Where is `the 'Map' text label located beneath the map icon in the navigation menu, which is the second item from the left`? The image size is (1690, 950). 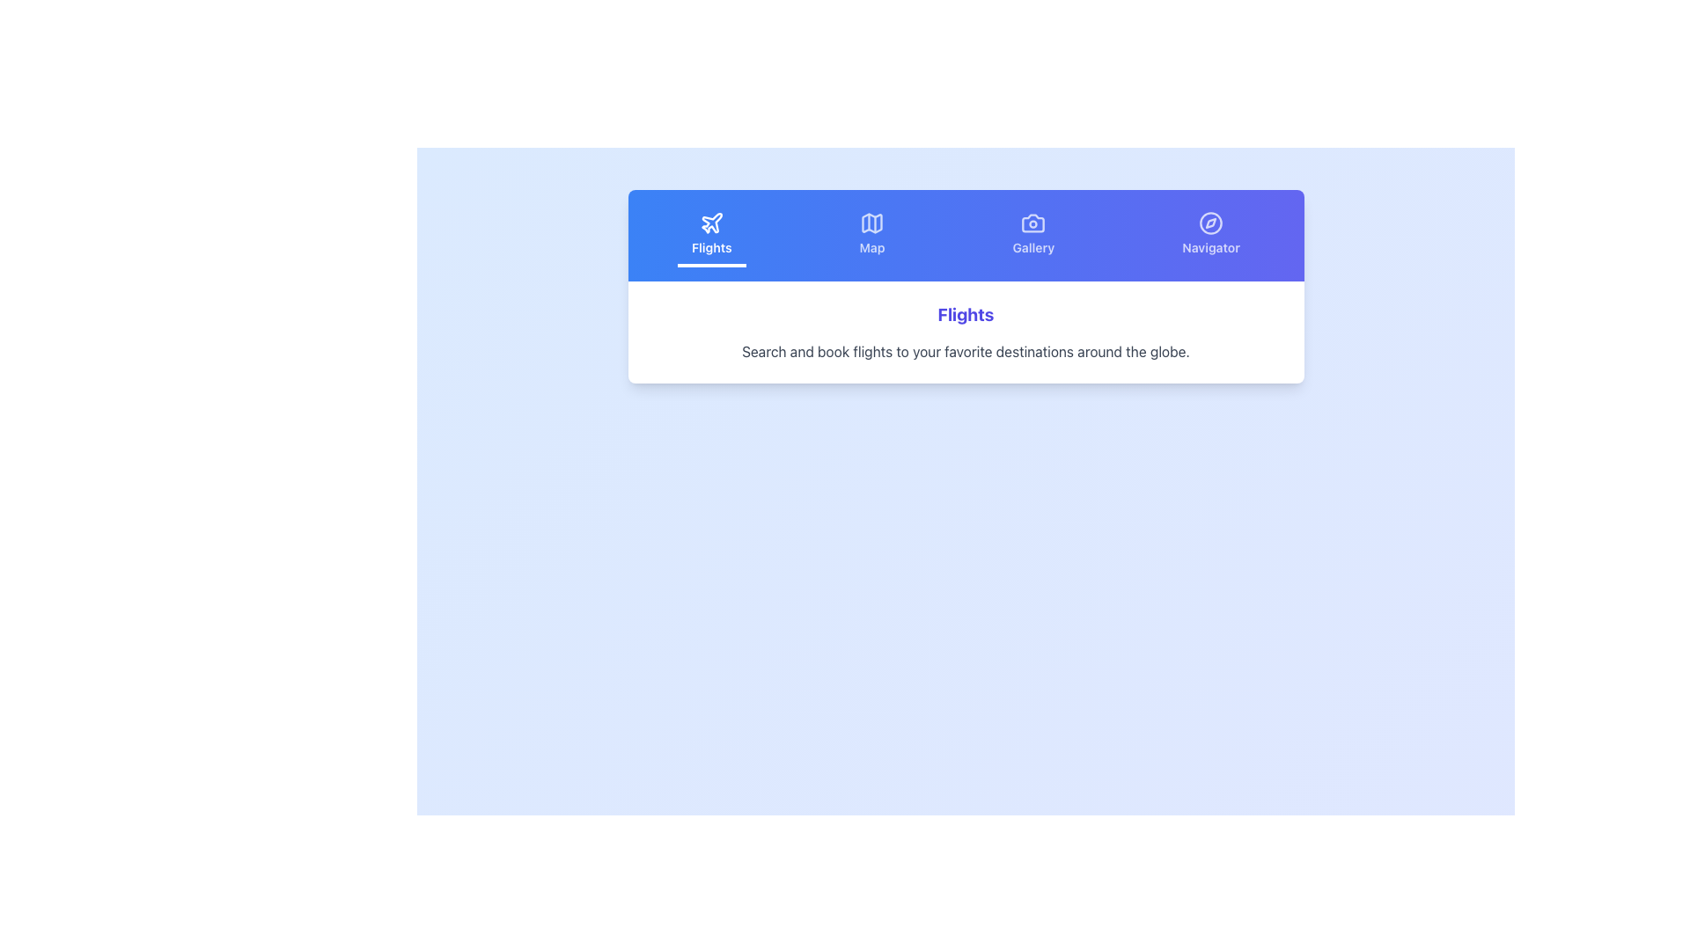
the 'Map' text label located beneath the map icon in the navigation menu, which is the second item from the left is located at coordinates (872, 247).